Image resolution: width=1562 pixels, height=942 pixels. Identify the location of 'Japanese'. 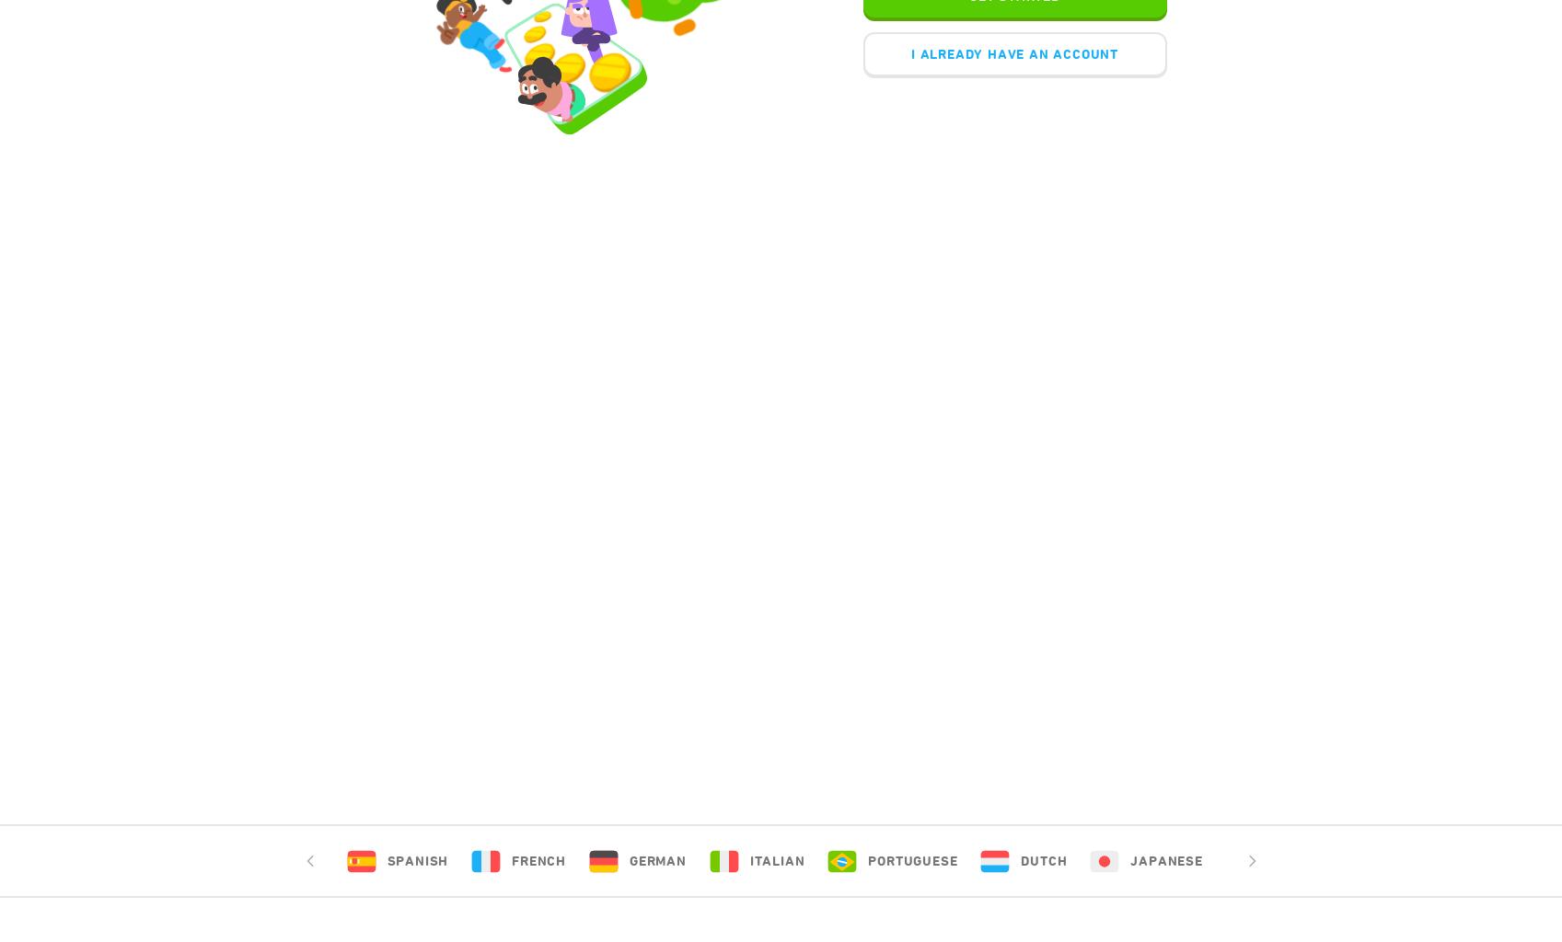
(1165, 860).